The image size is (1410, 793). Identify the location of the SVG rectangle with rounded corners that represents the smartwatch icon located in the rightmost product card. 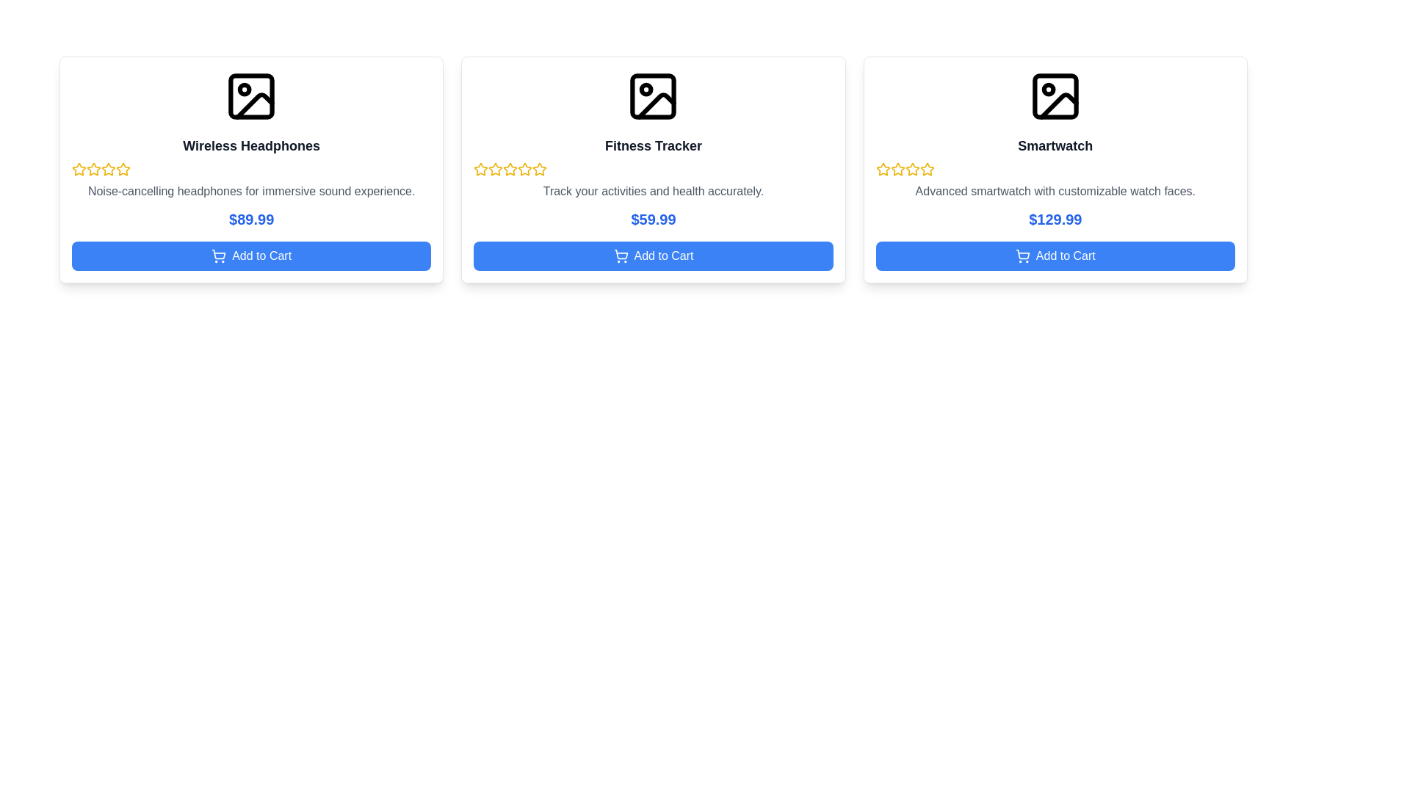
(1055, 96).